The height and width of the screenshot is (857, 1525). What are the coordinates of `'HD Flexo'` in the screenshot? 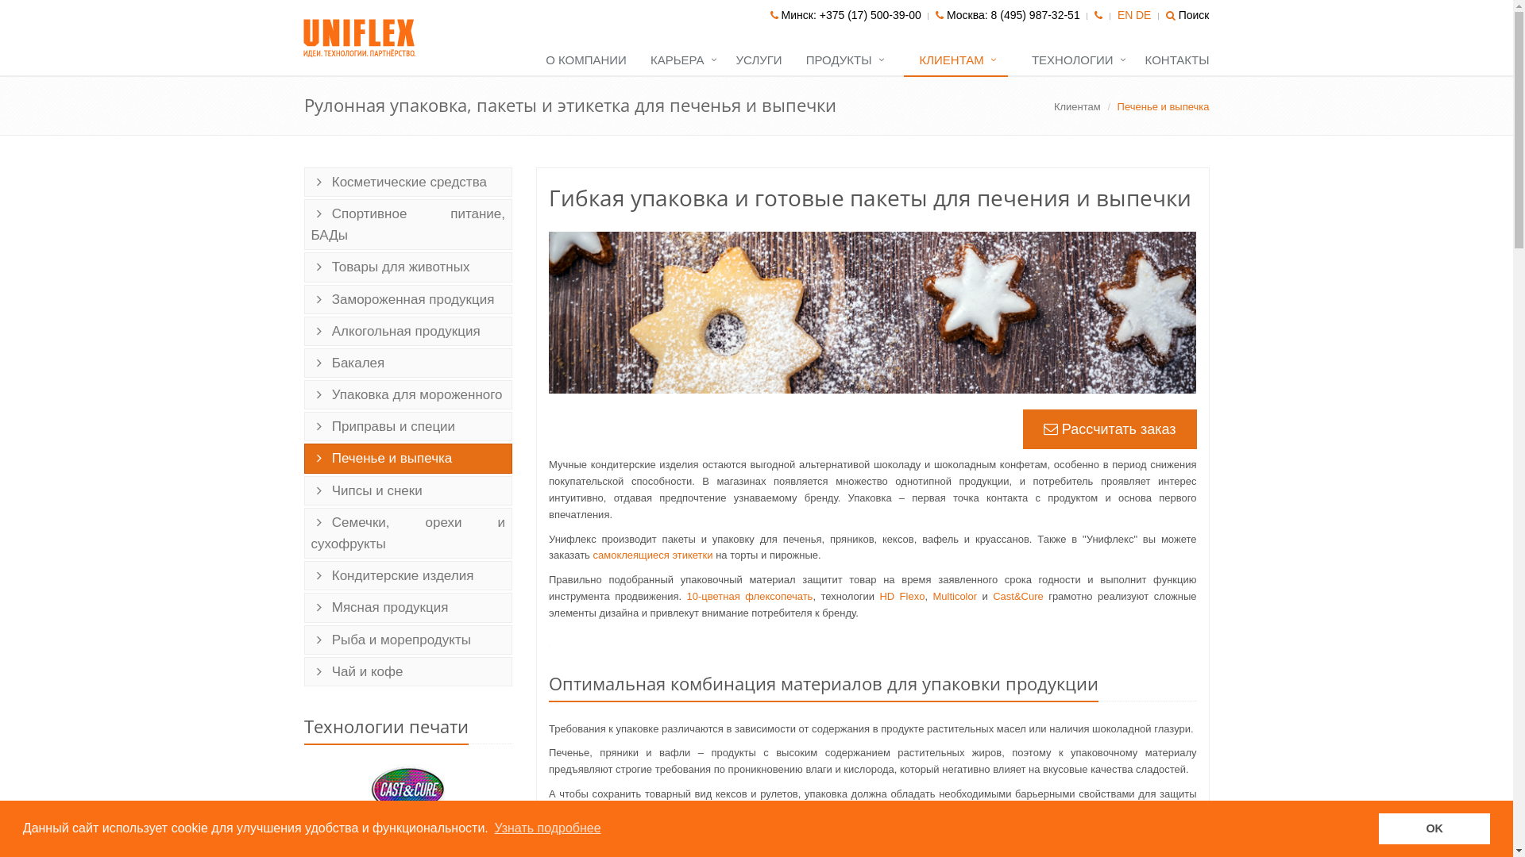 It's located at (901, 596).